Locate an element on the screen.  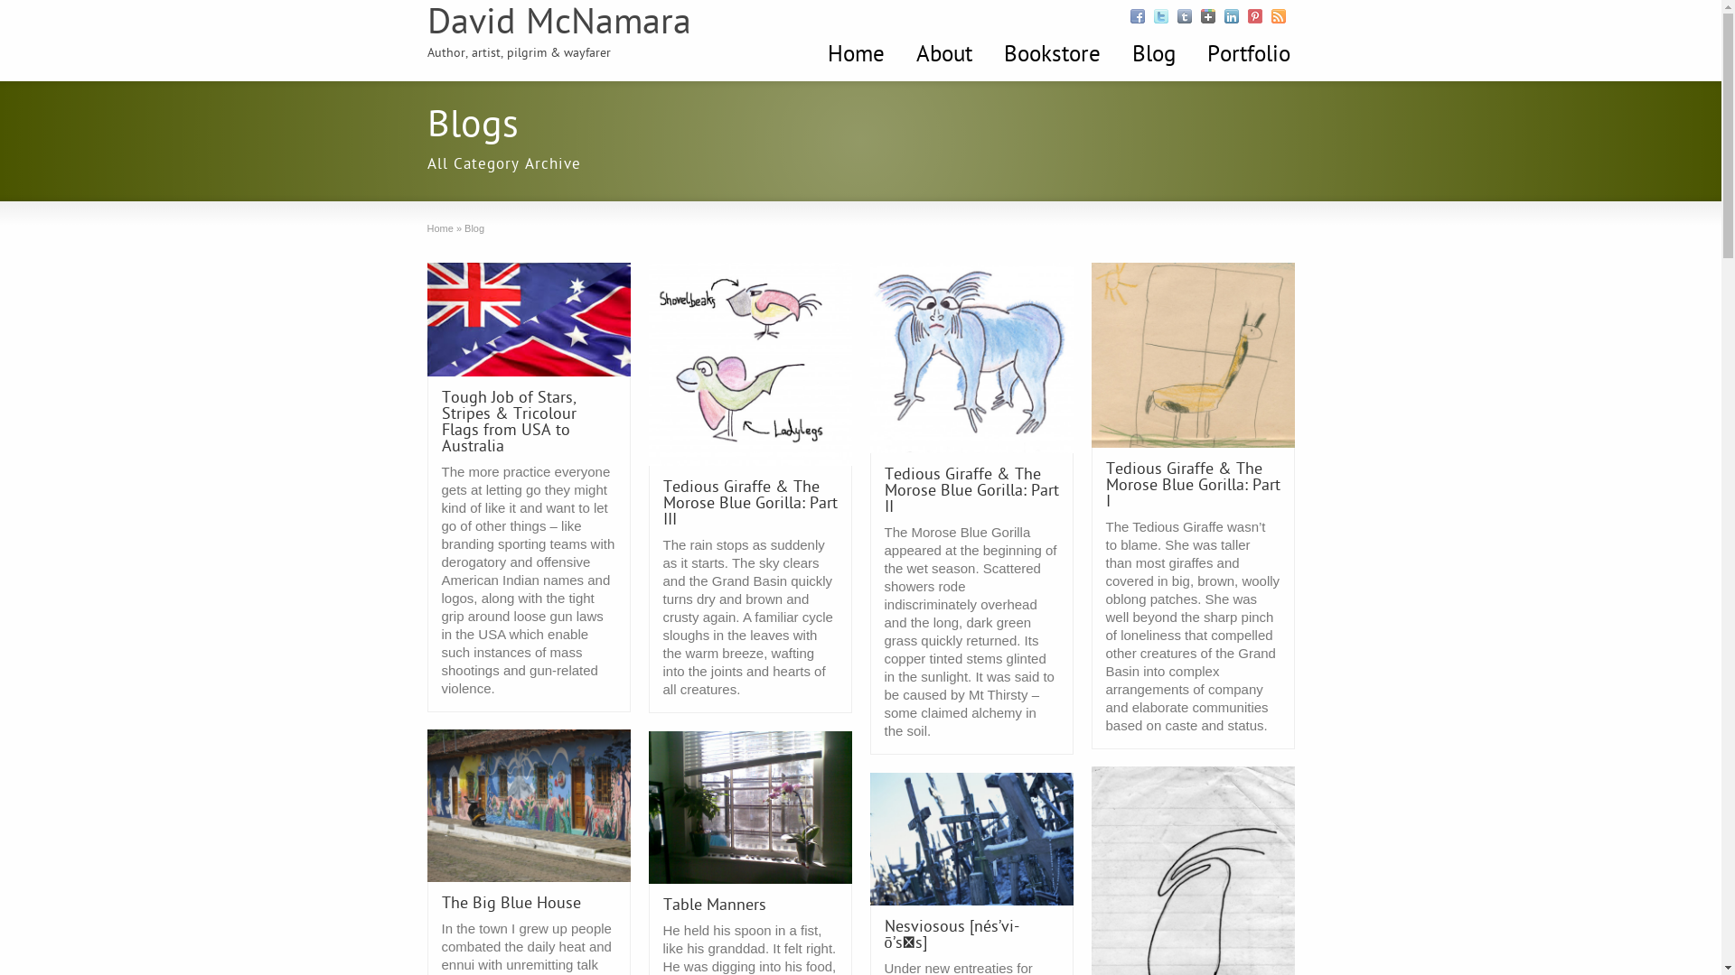
'Tedious Giraffe & The Morose Blue Gorilla: Part I' is located at coordinates (1193, 485).